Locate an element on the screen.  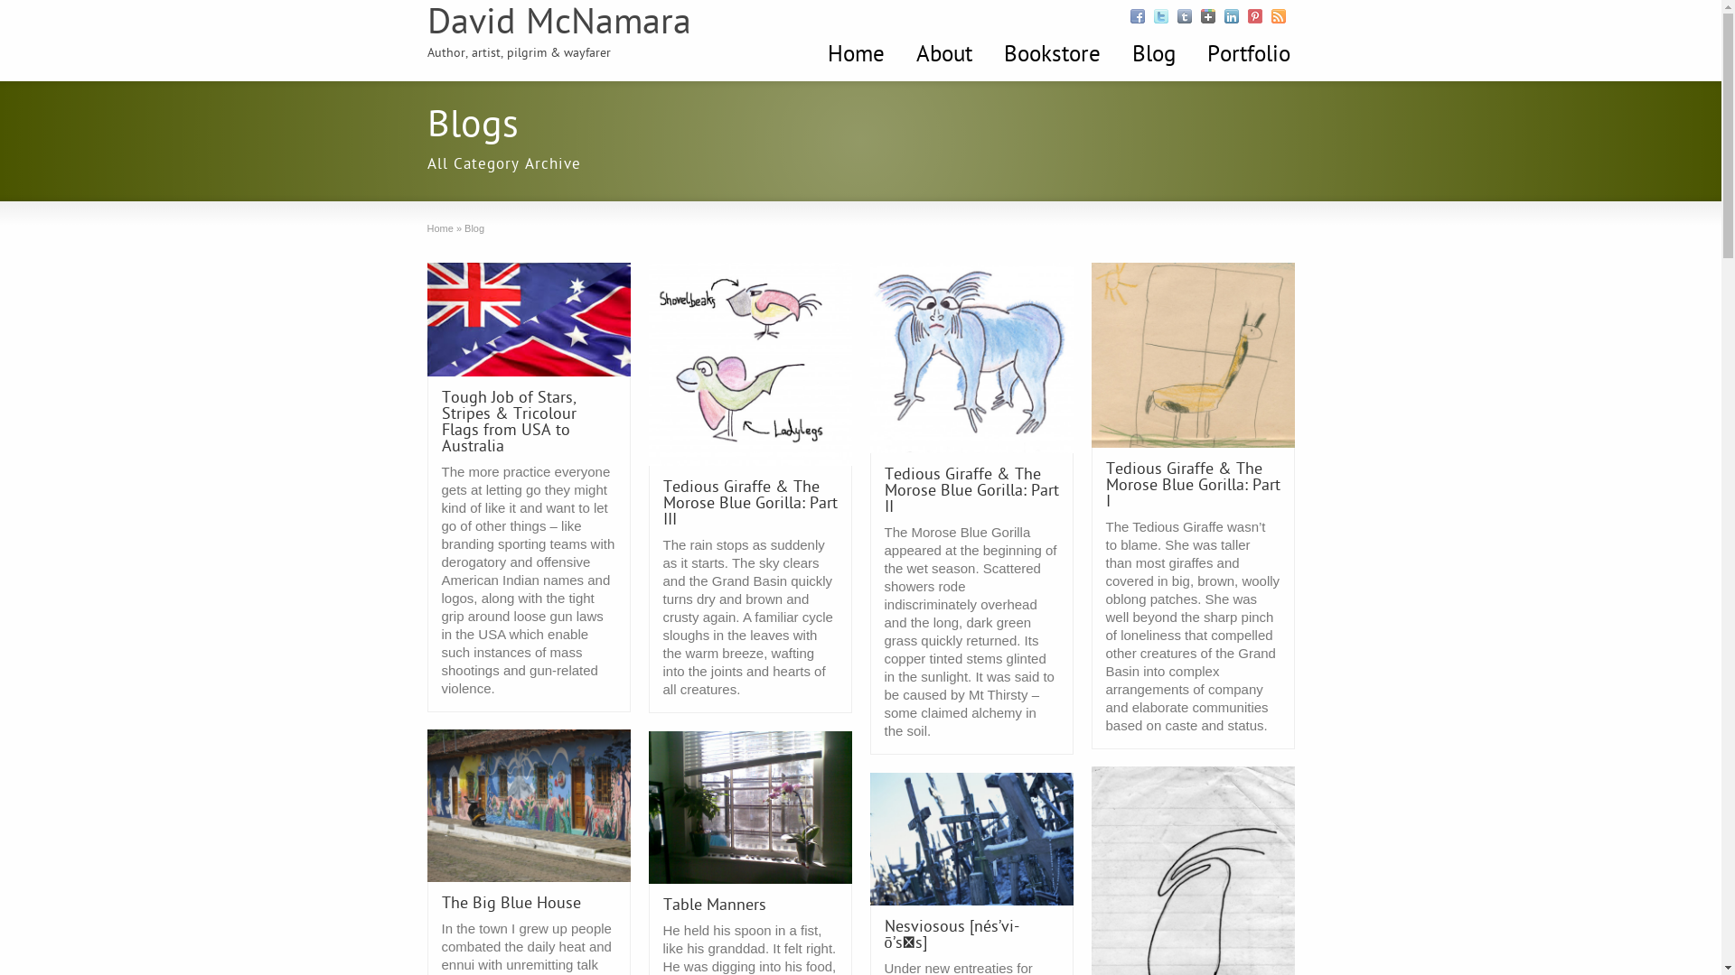
'Tedious Giraffe & The Morose Blue Gorilla: Part I' is located at coordinates (1193, 485).